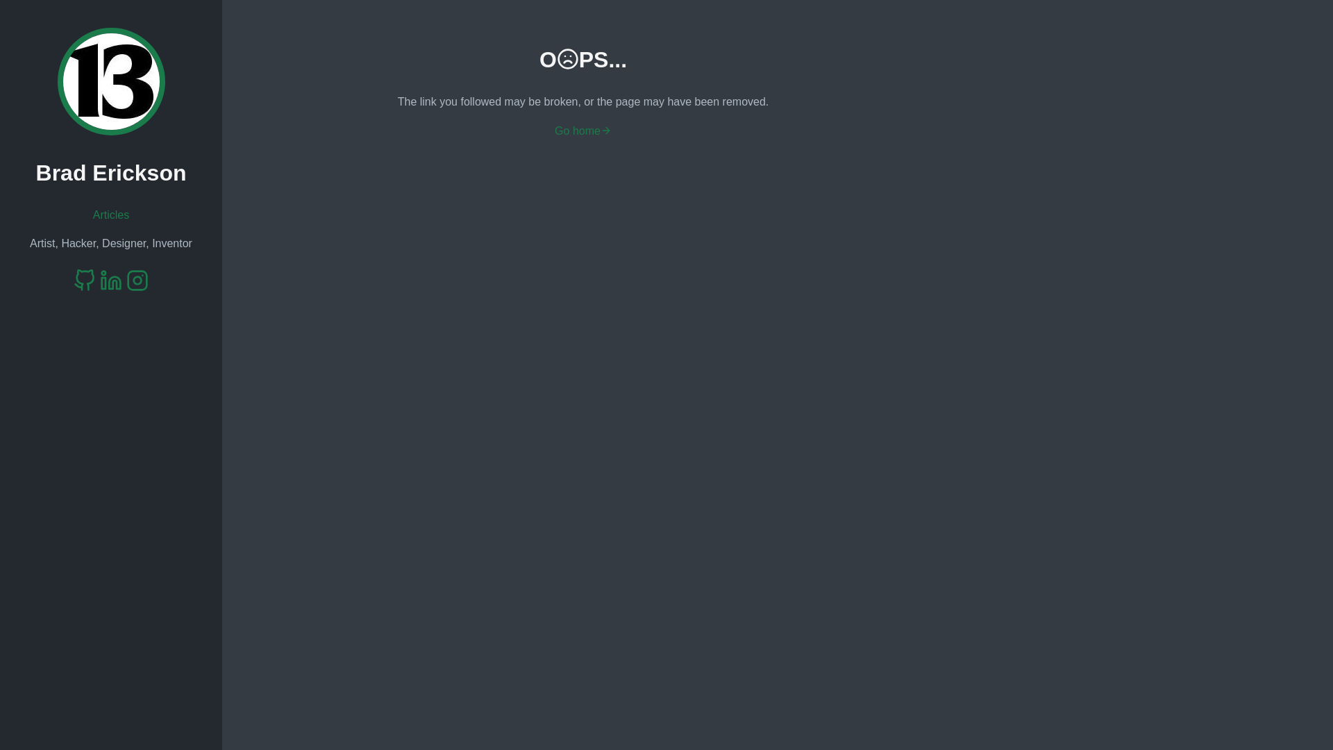 The height and width of the screenshot is (750, 1333). I want to click on 'Articles', so click(110, 215).